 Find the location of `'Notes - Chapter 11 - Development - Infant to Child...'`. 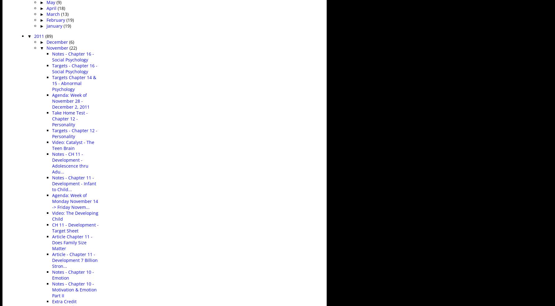

'Notes - Chapter 11 - Development - Infant to Child...' is located at coordinates (74, 183).